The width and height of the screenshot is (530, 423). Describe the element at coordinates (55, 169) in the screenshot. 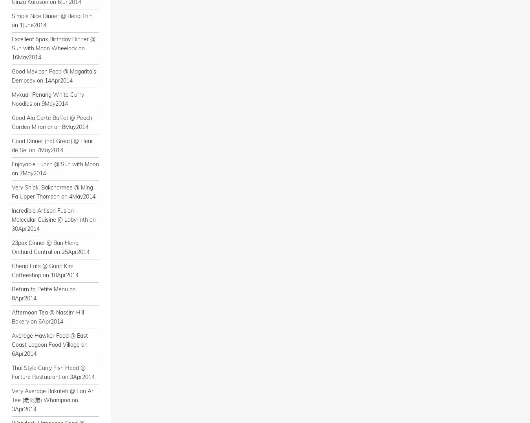

I see `'Enjoyable Lunch @ Sun with Moon on 7May2014'` at that location.